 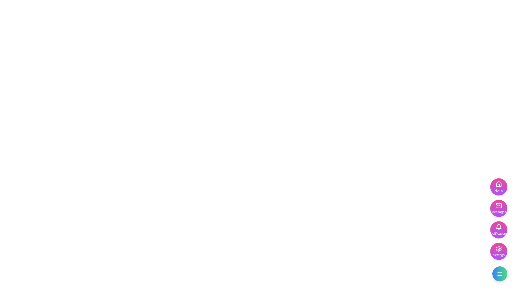 I want to click on the notifications button located in the bottom-right corner of the interface, positioned between the 'Messages' button and the 'Settings' button, so click(x=499, y=219).